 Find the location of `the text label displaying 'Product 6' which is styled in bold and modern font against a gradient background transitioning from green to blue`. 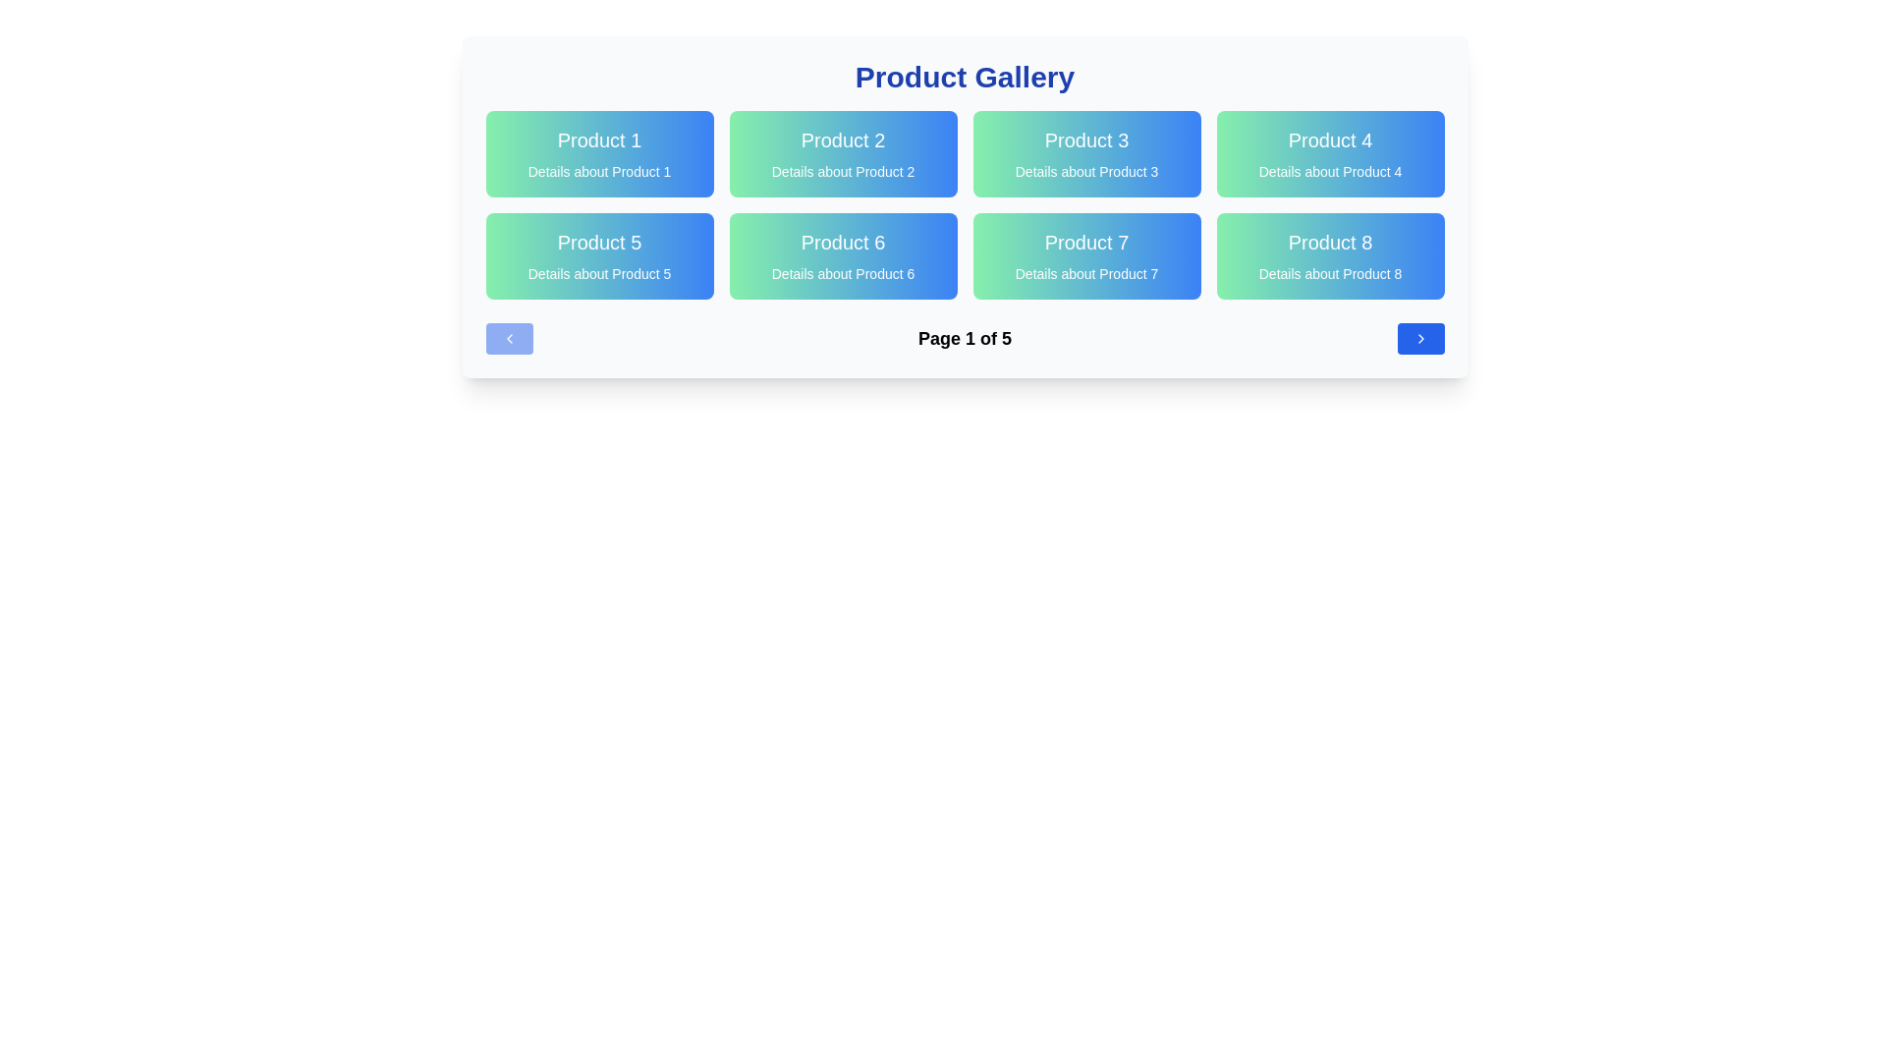

the text label displaying 'Product 6' which is styled in bold and modern font against a gradient background transitioning from green to blue is located at coordinates (843, 241).